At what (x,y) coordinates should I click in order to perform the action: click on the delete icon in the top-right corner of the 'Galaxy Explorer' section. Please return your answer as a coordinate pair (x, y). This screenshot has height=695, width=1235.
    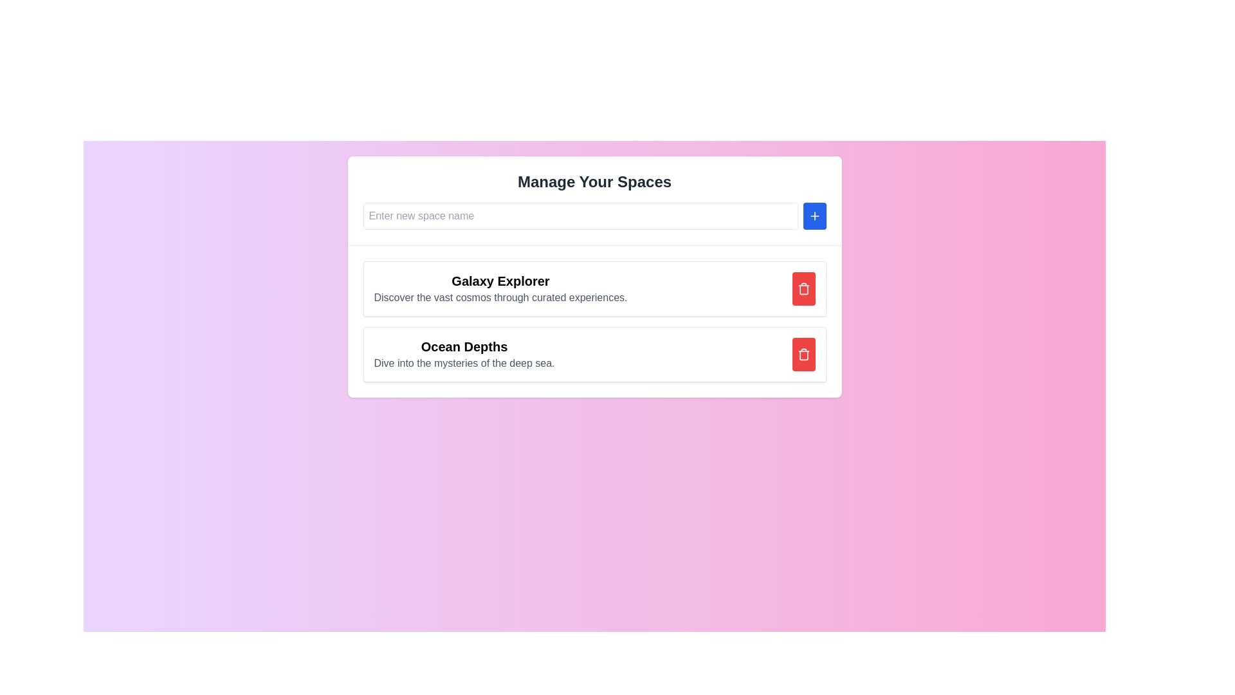
    Looking at the image, I should click on (803, 288).